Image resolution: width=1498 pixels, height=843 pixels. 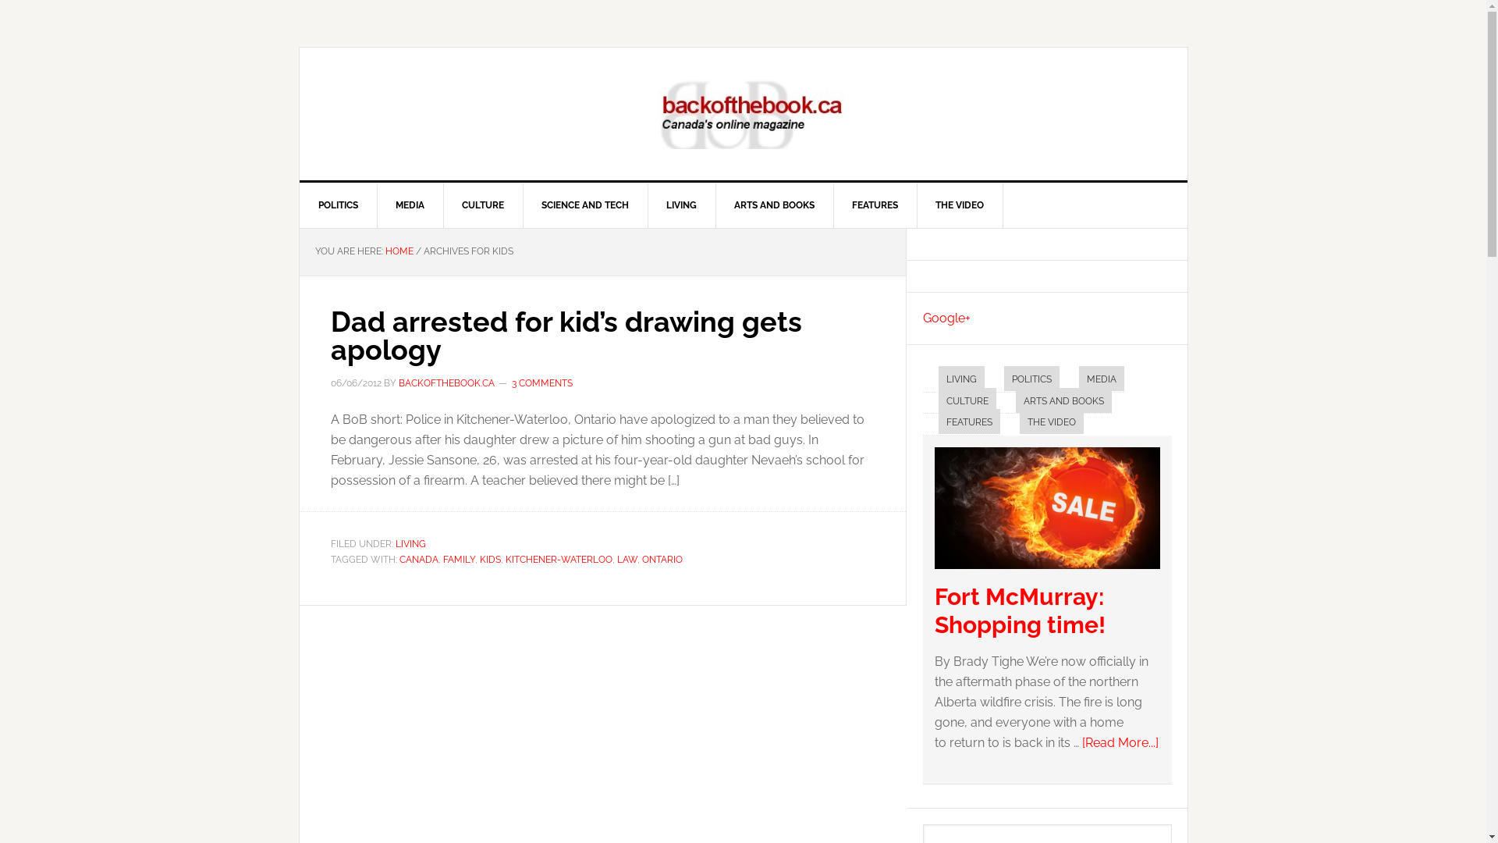 I want to click on 'POLITICS', so click(x=1031, y=379).